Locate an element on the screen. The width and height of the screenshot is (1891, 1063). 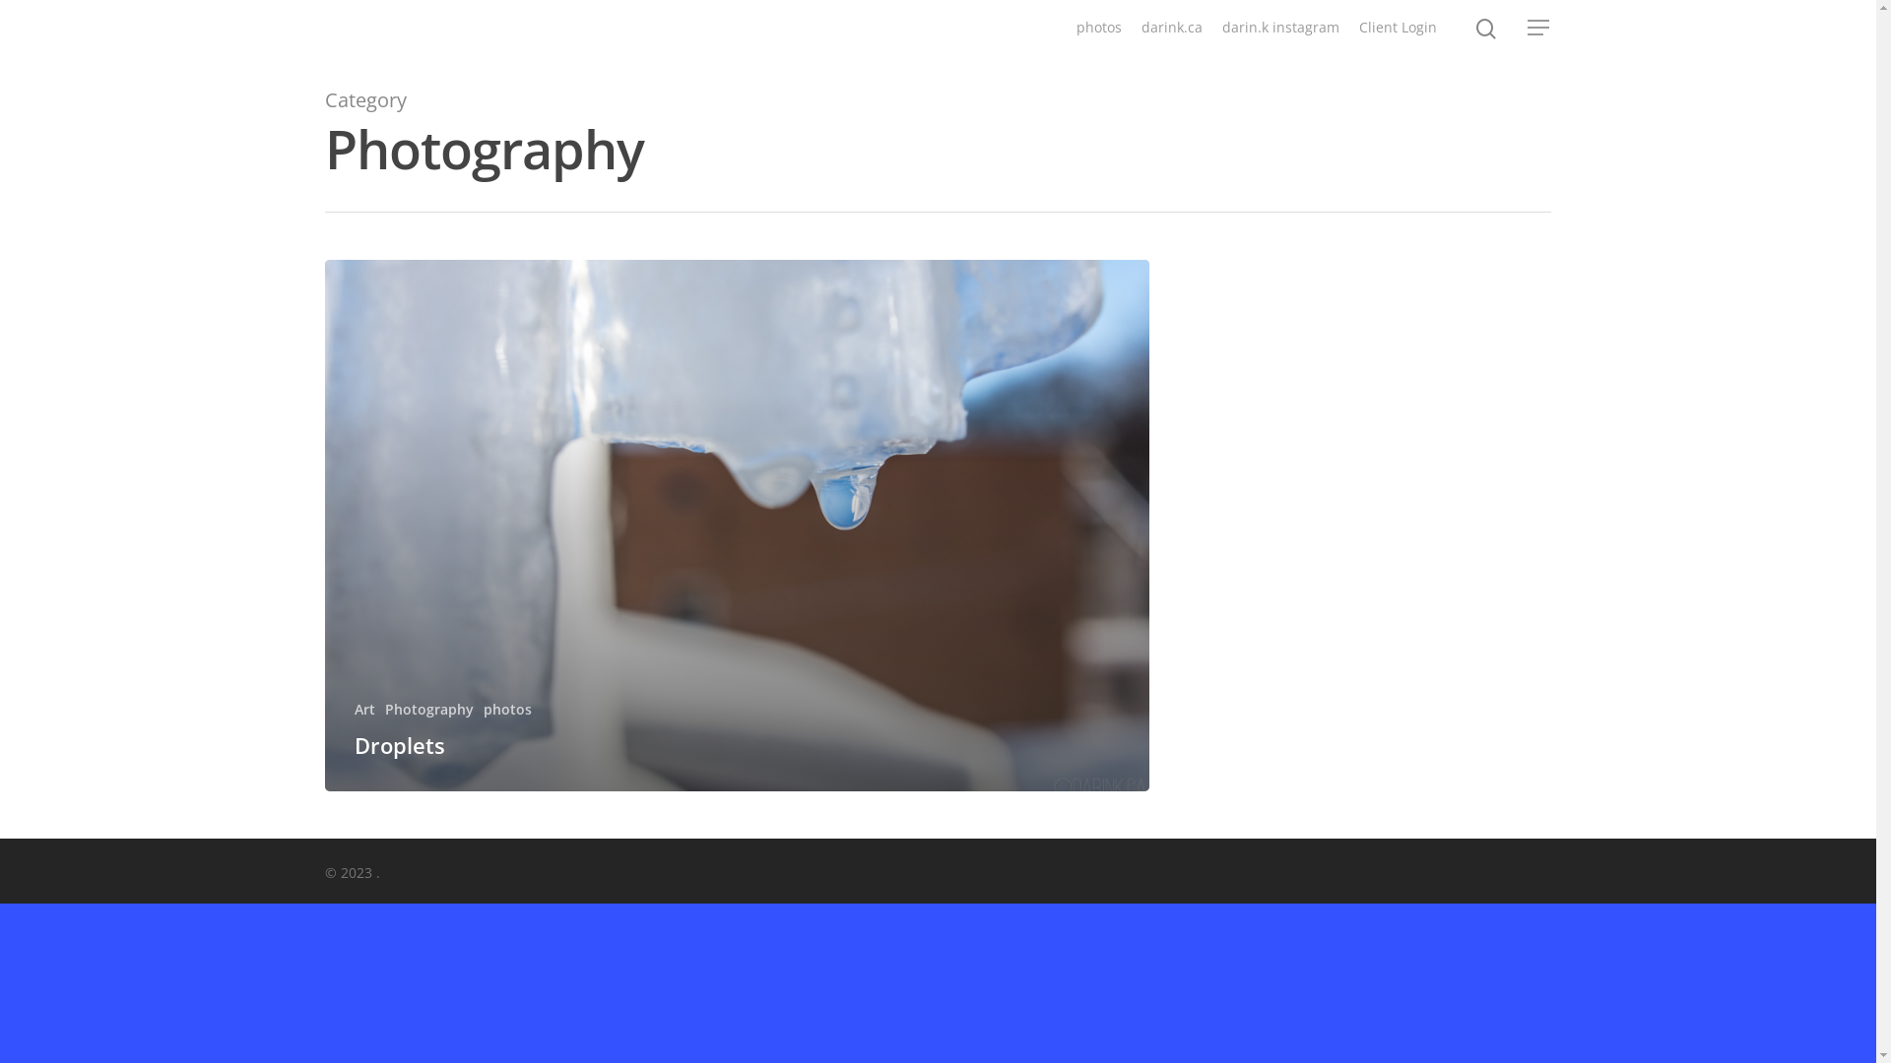
'Art' is located at coordinates (364, 709).